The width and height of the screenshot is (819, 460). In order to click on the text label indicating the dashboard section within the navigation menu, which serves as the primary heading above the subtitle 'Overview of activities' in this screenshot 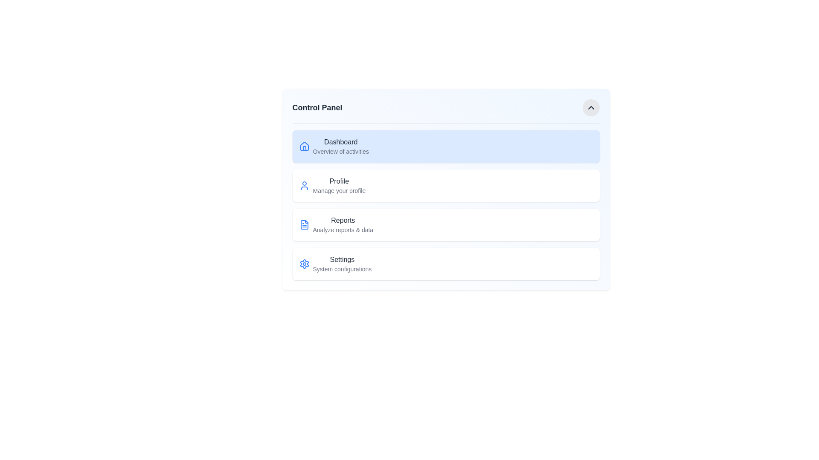, I will do `click(340, 142)`.